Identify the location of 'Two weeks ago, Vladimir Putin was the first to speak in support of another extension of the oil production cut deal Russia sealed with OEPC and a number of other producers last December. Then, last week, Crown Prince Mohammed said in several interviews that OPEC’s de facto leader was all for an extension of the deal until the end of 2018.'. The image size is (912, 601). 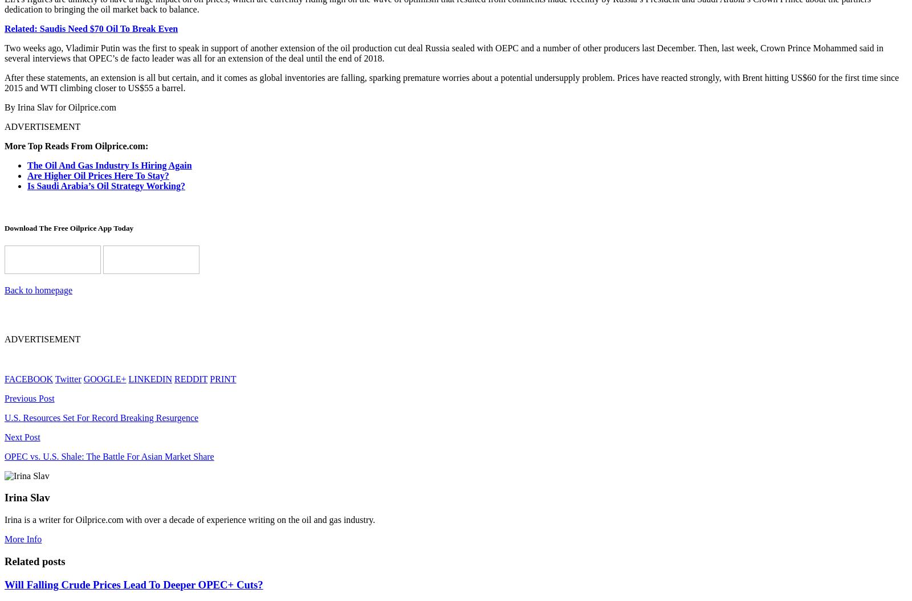
(443, 52).